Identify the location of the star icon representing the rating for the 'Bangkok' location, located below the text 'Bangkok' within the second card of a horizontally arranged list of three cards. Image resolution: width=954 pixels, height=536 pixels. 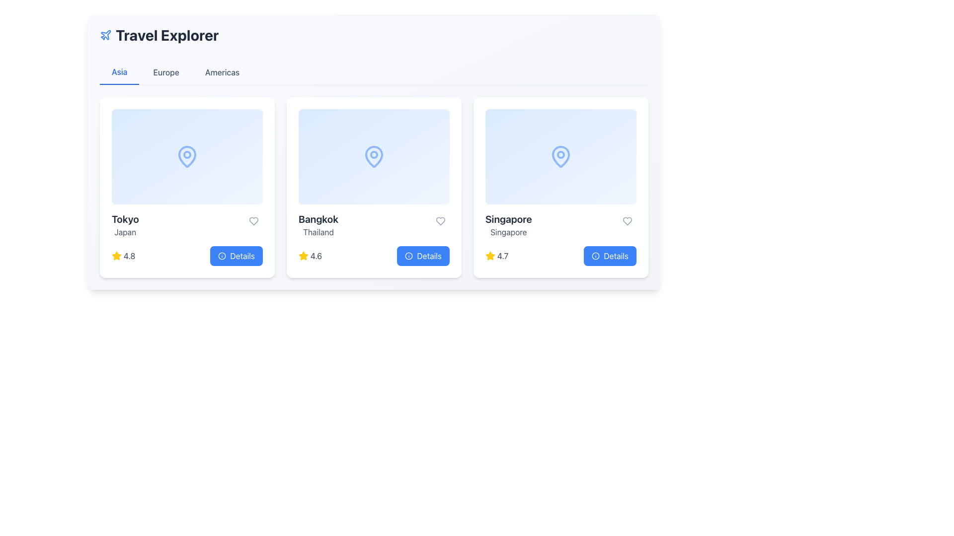
(303, 255).